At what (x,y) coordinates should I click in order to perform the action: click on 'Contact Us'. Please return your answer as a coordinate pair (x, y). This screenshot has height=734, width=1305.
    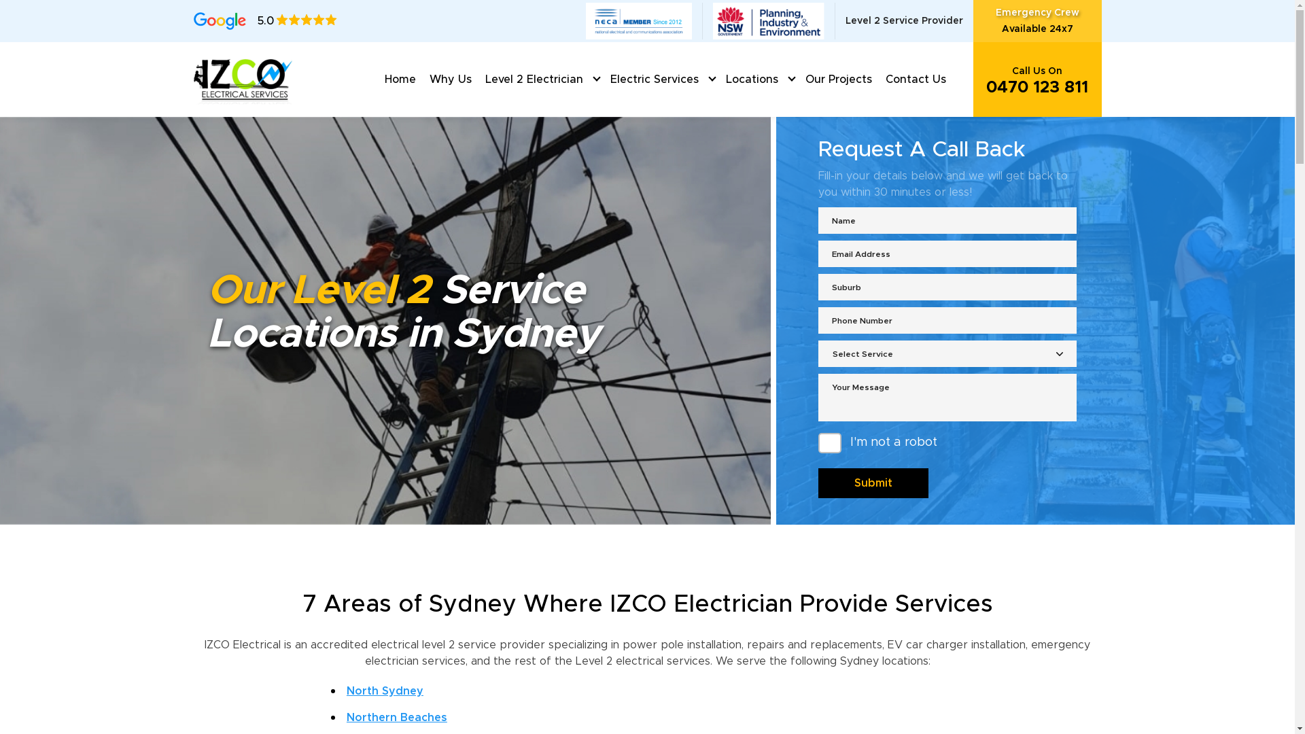
    Looking at the image, I should click on (915, 79).